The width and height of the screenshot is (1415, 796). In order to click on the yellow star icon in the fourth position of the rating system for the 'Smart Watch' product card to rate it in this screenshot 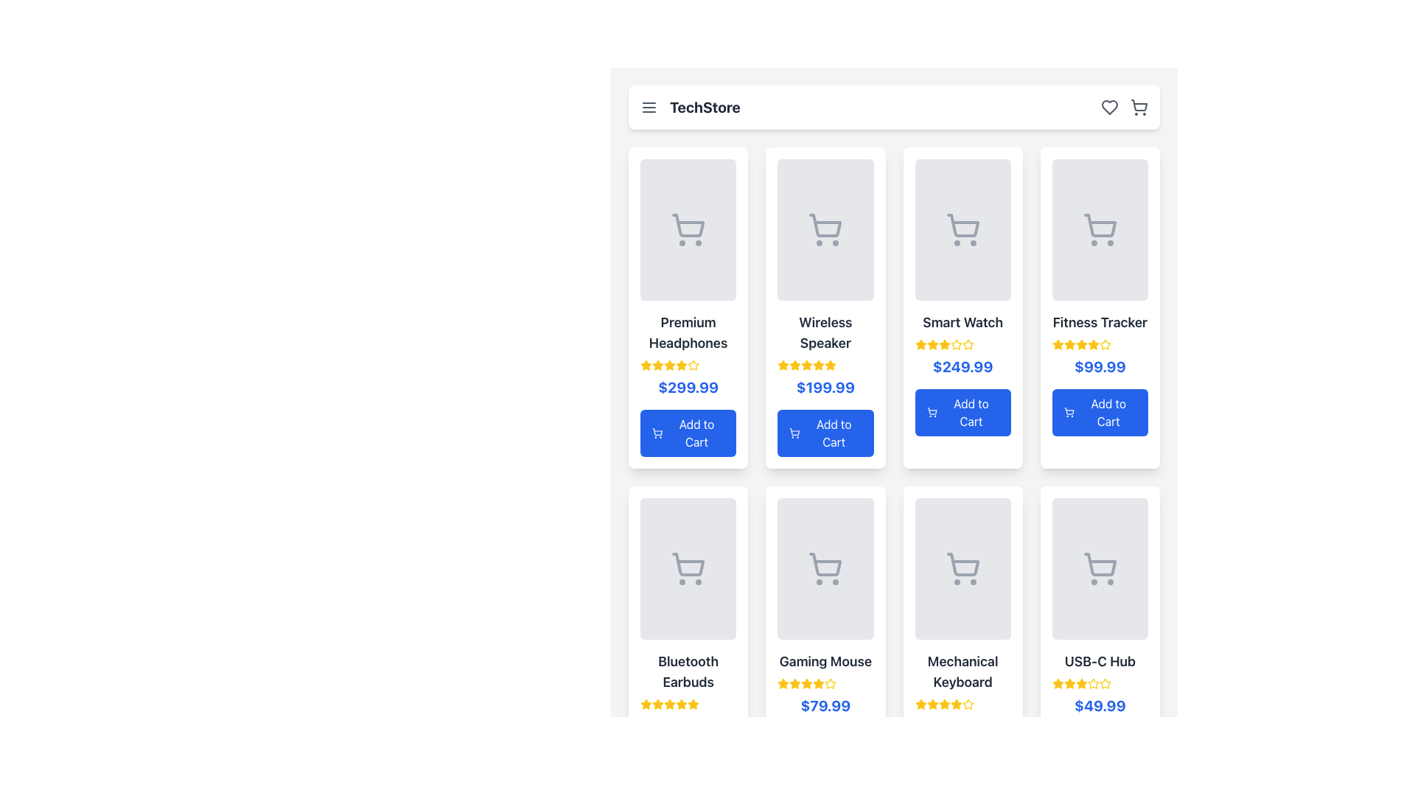, I will do `click(956, 344)`.